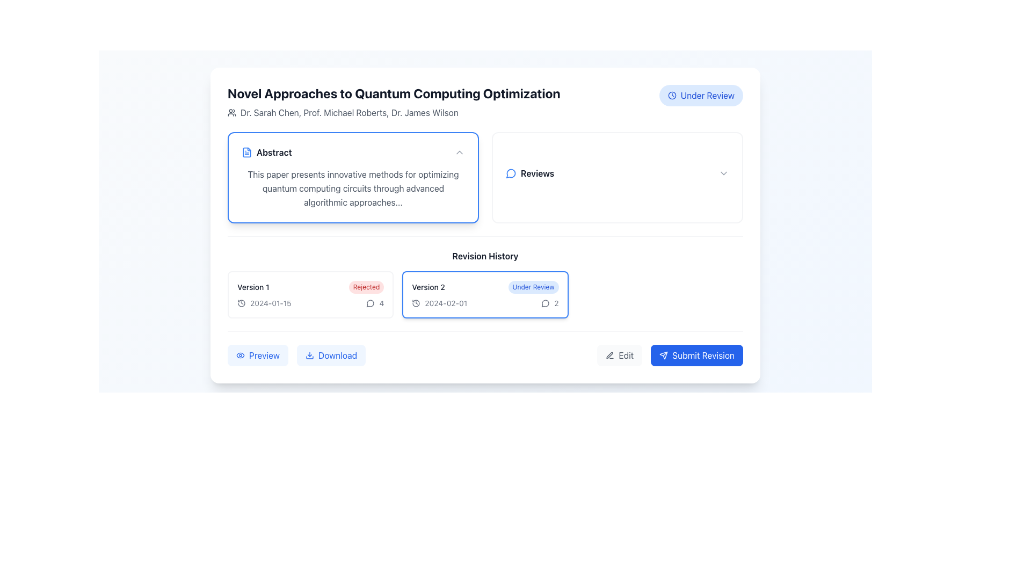 The height and width of the screenshot is (580, 1031). What do you see at coordinates (416, 303) in the screenshot?
I see `the history indicator icon located to the left of the text '2024-02-01' within the 'Version 2' section of the 'Revision History' area` at bounding box center [416, 303].